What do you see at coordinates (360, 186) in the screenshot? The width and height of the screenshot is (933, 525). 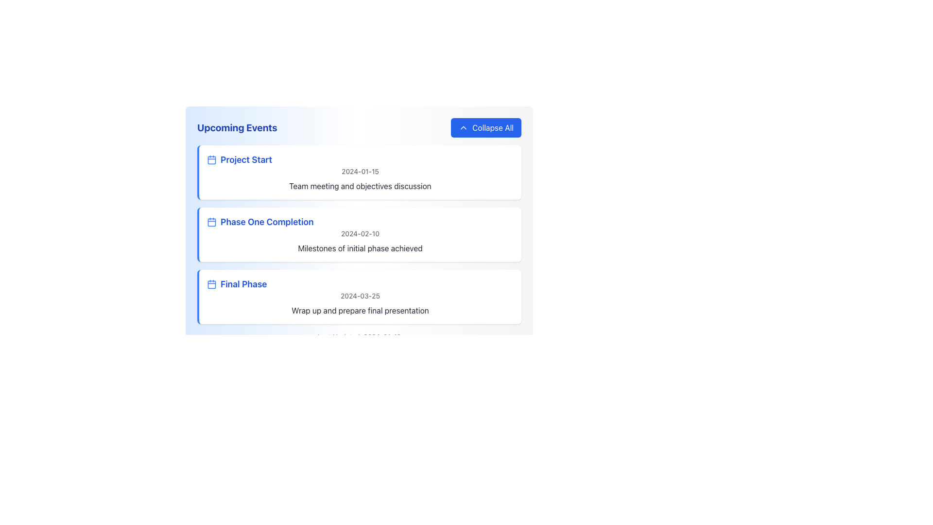 I see `the text label displaying 'Team meeting and objectives discussion' located in the 'Upcoming Events' section, which is positioned below the title 'Project Start' and the date '2024-01-15'` at bounding box center [360, 186].